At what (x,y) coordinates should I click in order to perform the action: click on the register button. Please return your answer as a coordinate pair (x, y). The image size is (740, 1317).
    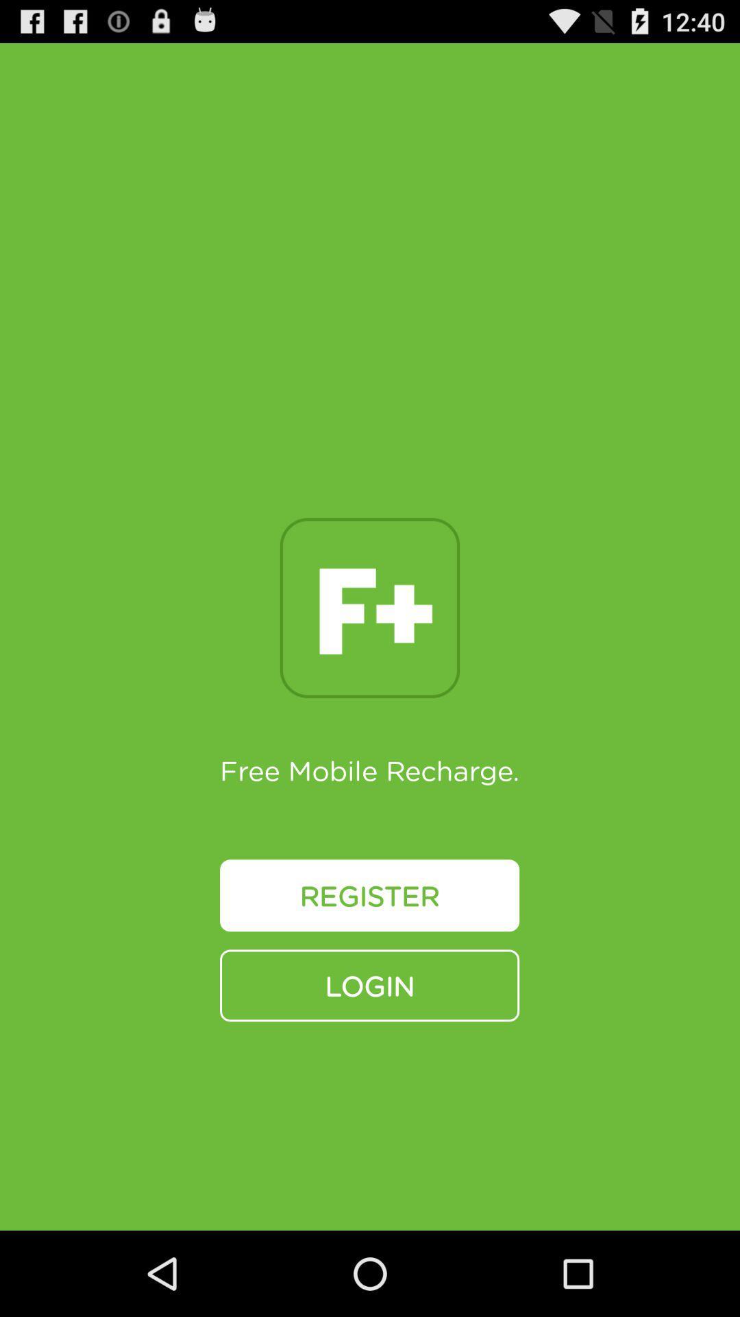
    Looking at the image, I should click on (369, 895).